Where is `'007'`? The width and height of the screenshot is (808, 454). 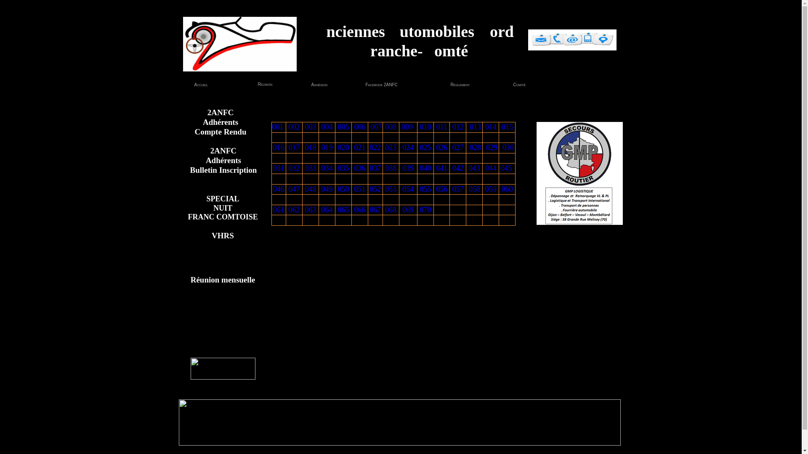
'007' is located at coordinates (375, 127).